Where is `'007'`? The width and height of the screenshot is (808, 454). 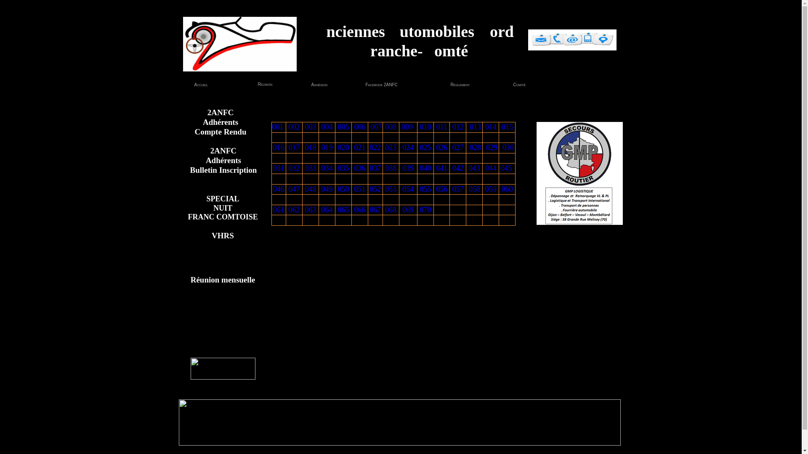
'007' is located at coordinates (375, 127).